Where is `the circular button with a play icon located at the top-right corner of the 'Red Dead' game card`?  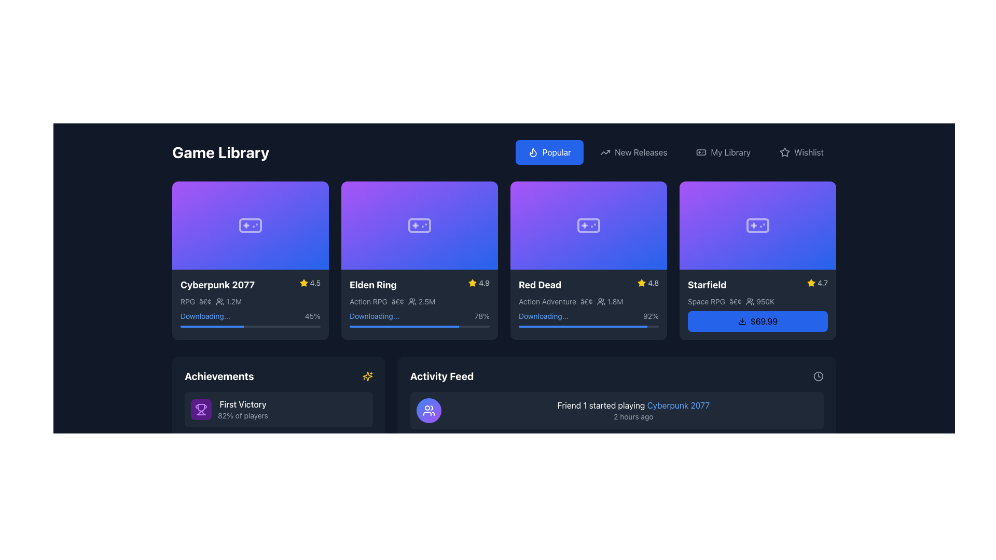 the circular button with a play icon located at the top-right corner of the 'Red Dead' game card is located at coordinates (653, 194).